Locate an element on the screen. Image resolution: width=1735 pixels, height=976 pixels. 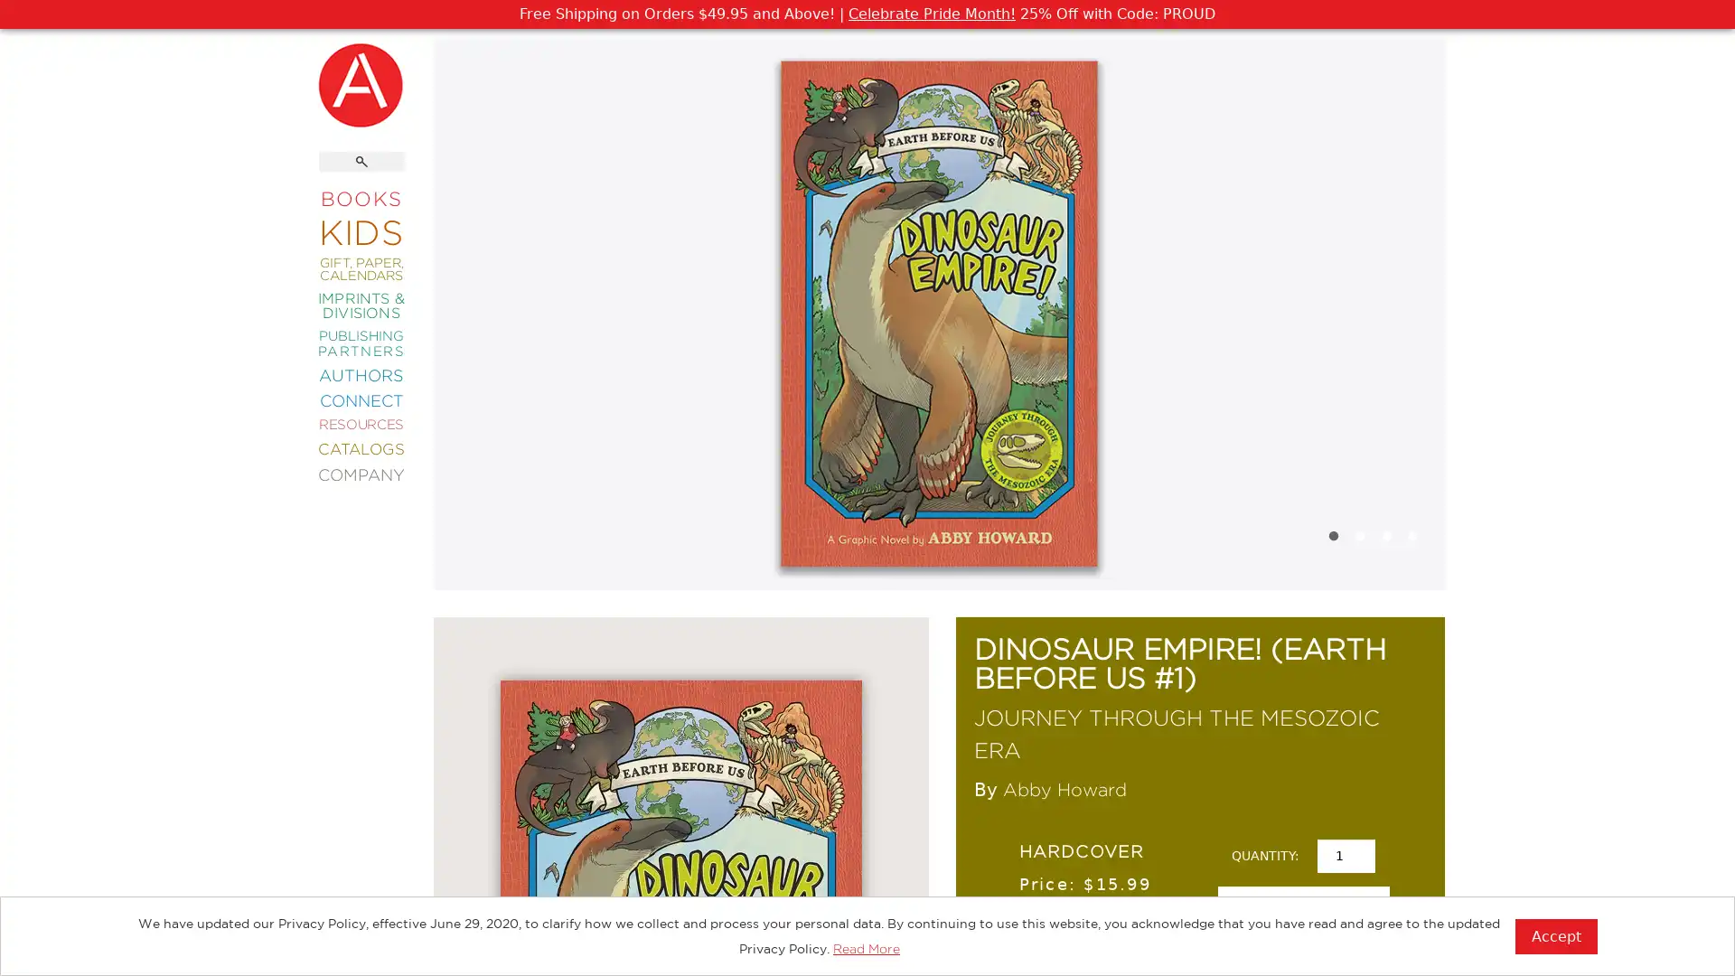
CONNECT is located at coordinates (361, 399).